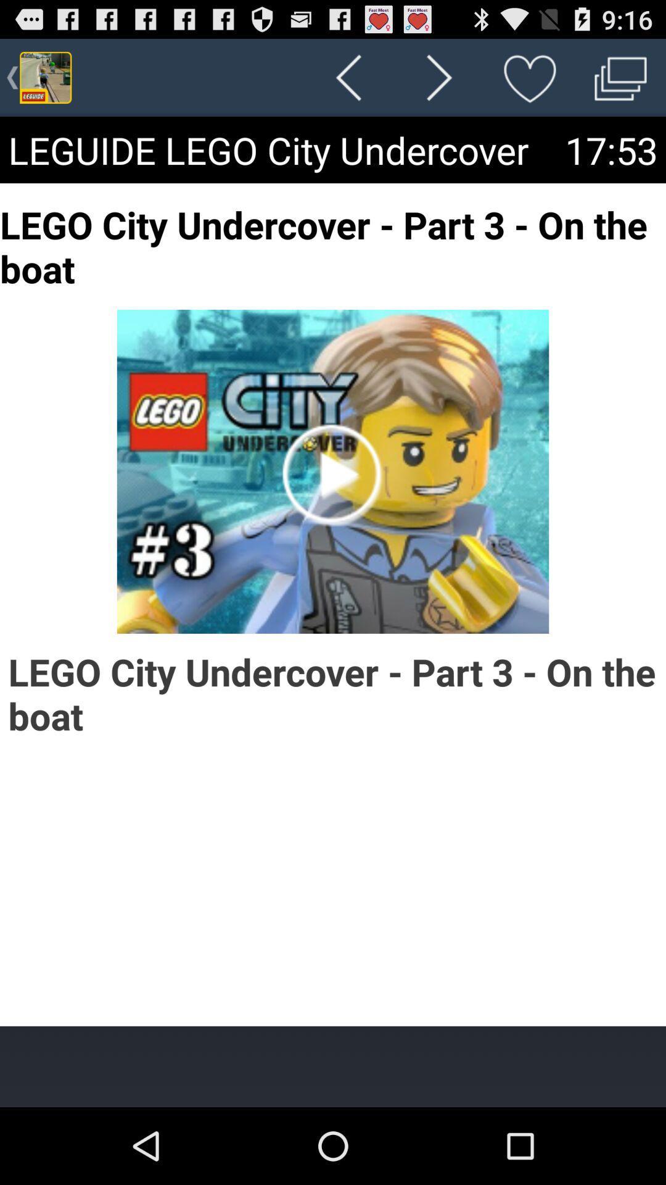 The image size is (666, 1185). Describe the element at coordinates (529, 77) in the screenshot. I see `the icon above the leguide lego city` at that location.